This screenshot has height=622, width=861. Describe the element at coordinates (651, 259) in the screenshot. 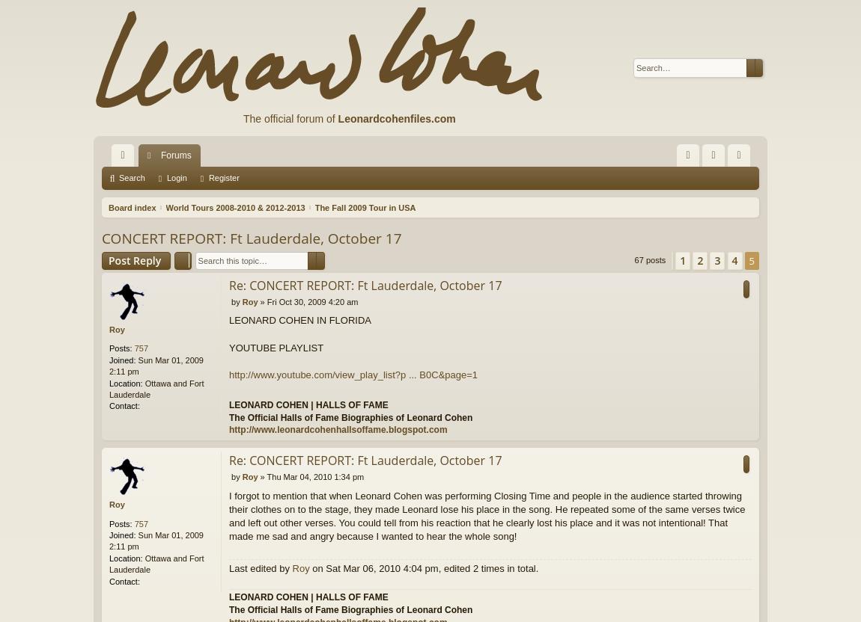

I see `'67 posts'` at that location.